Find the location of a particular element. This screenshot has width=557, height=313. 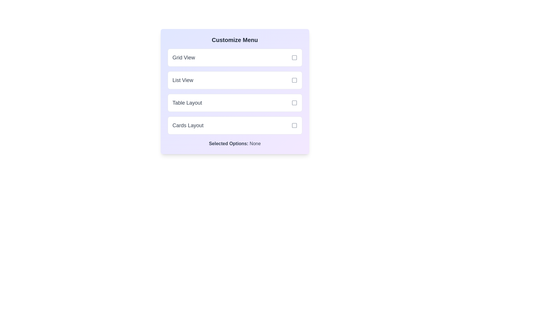

text label displaying 'Cards Layout' located in the fourth row of the 'Customize Menu' panel, to the left of an empty checkbox is located at coordinates (188, 125).